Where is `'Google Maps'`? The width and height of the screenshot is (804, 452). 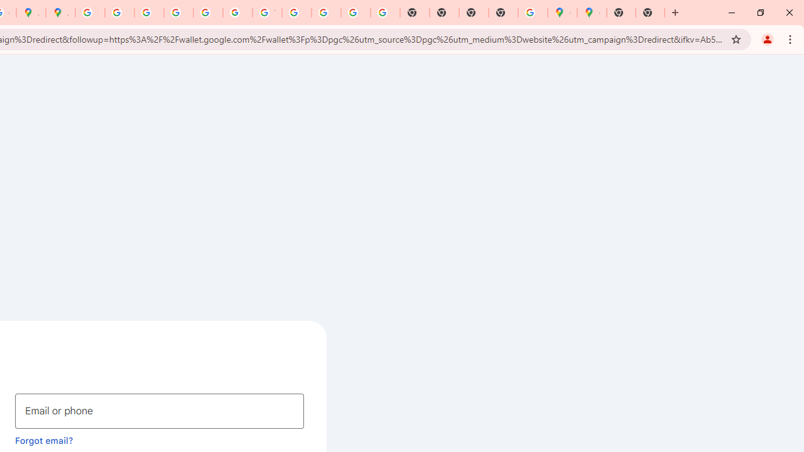
'Google Maps' is located at coordinates (562, 13).